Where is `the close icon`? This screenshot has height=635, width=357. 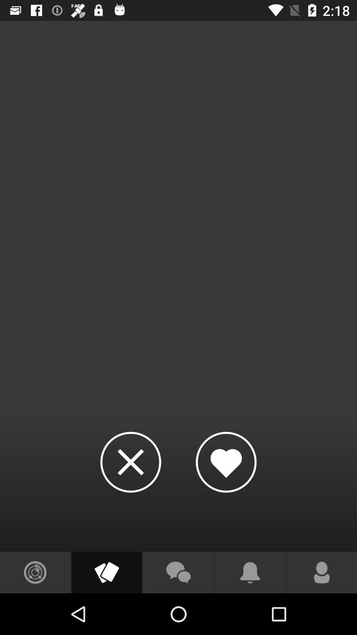 the close icon is located at coordinates (131, 462).